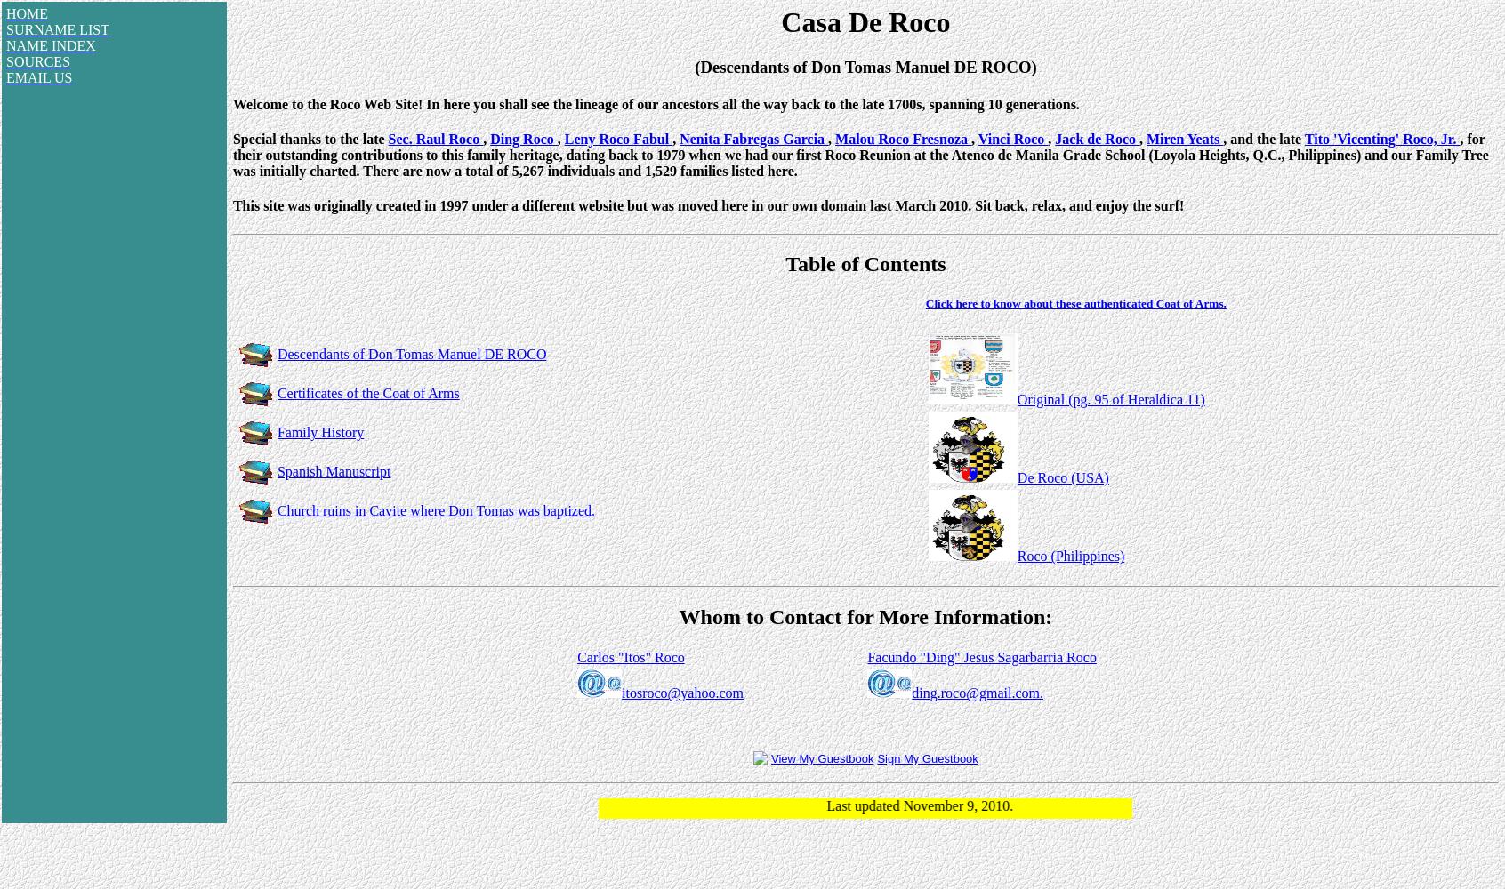 The height and width of the screenshot is (889, 1505). I want to click on 'Spanish Manuscript', so click(333, 471).